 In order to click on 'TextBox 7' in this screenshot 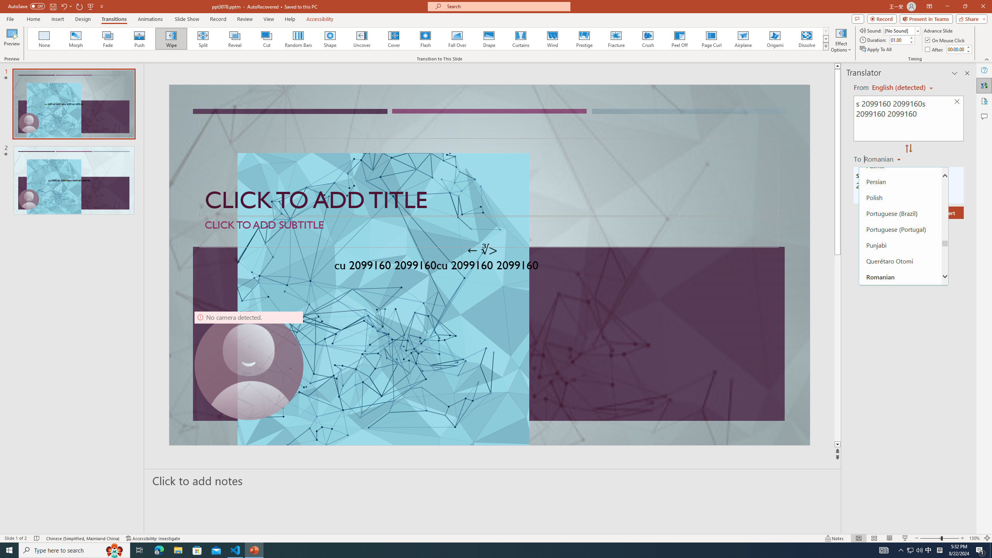, I will do `click(482, 250)`.